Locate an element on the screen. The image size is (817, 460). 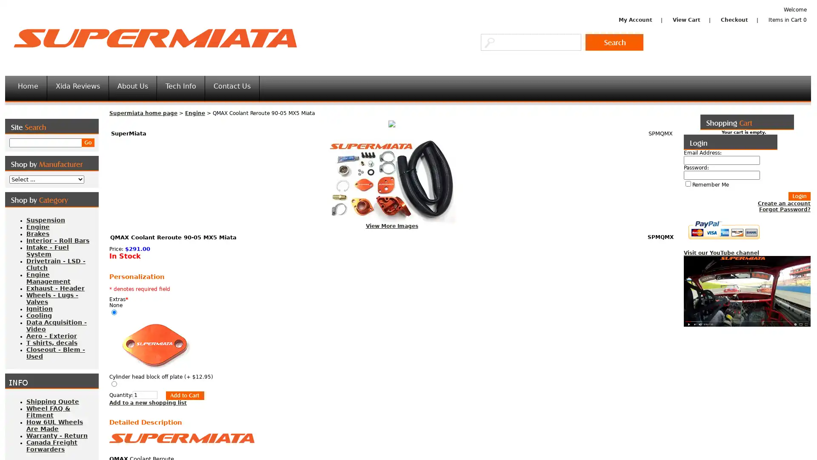
Submit is located at coordinates (180, 395).